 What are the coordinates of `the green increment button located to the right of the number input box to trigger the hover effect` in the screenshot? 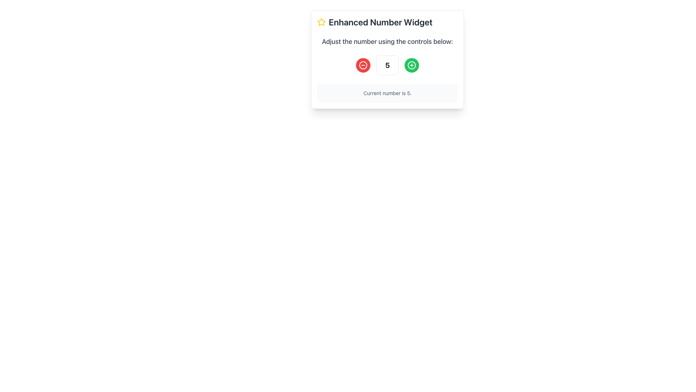 It's located at (412, 65).